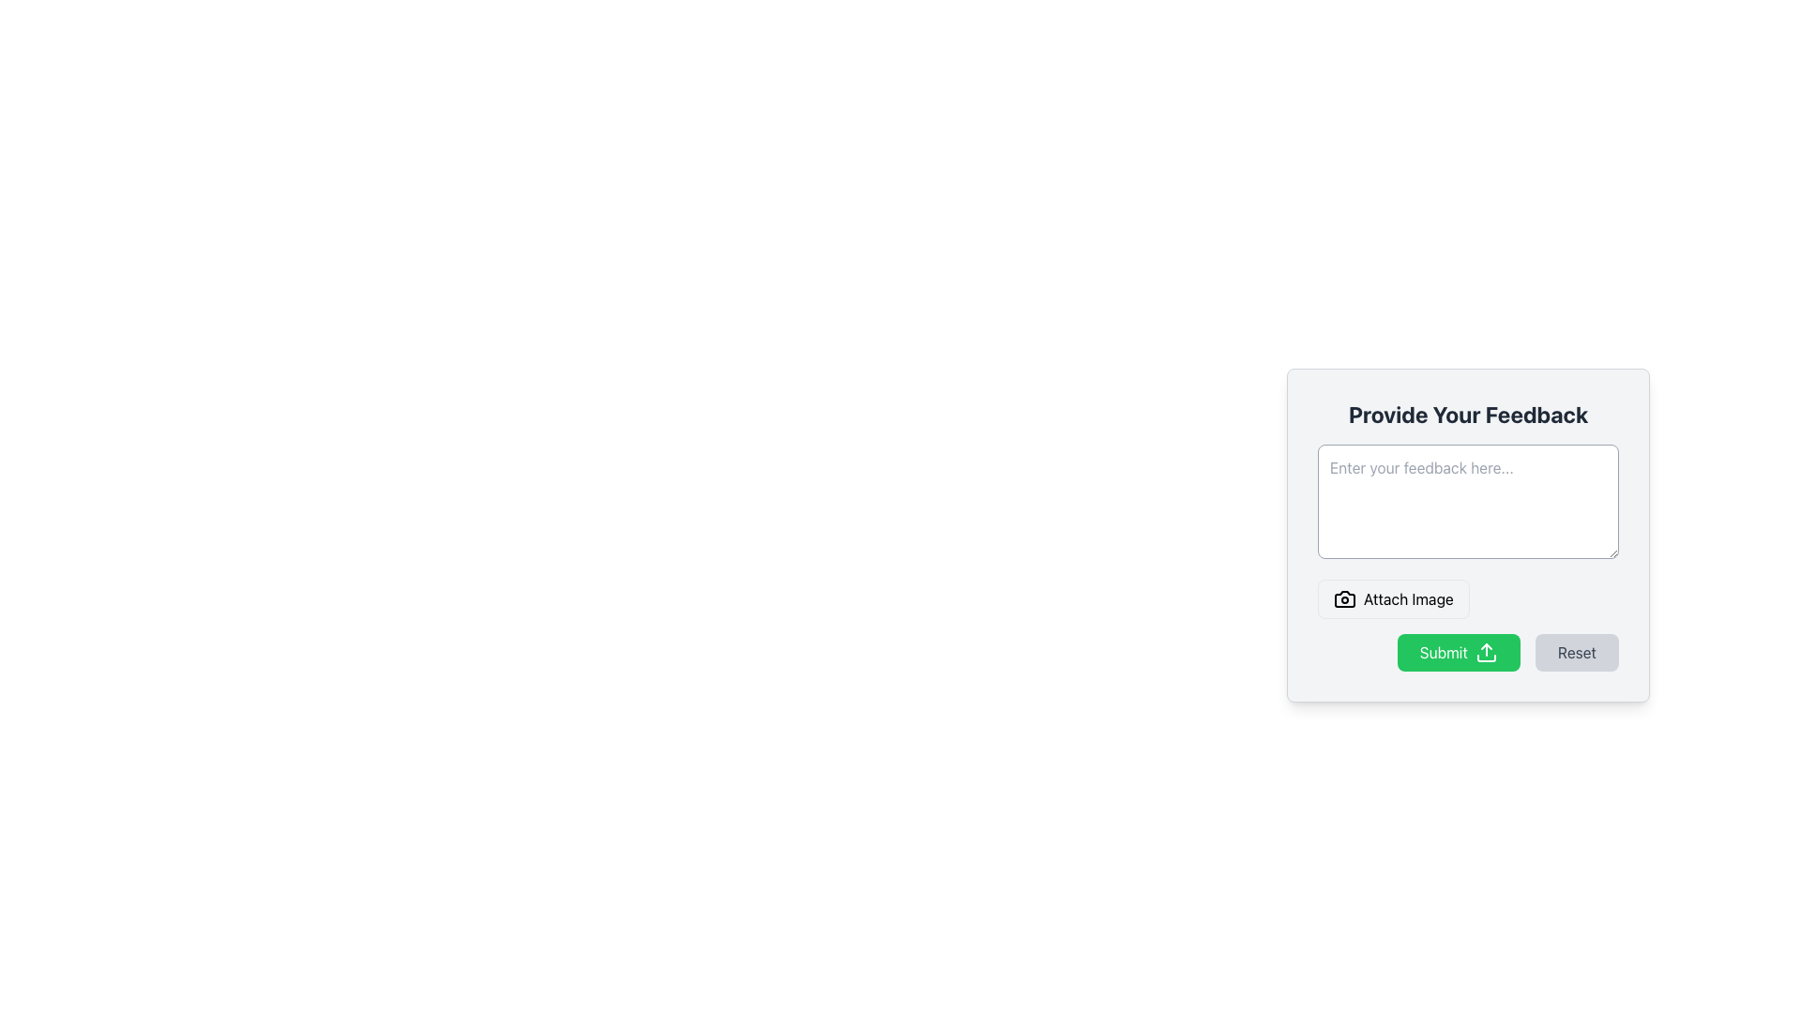 This screenshot has width=1801, height=1013. What do you see at coordinates (1485, 651) in the screenshot?
I see `the Upload Indicator icon located inside the green 'Submit' button, positioned to the right of the text 'Submit', to interact with the associated button` at bounding box center [1485, 651].